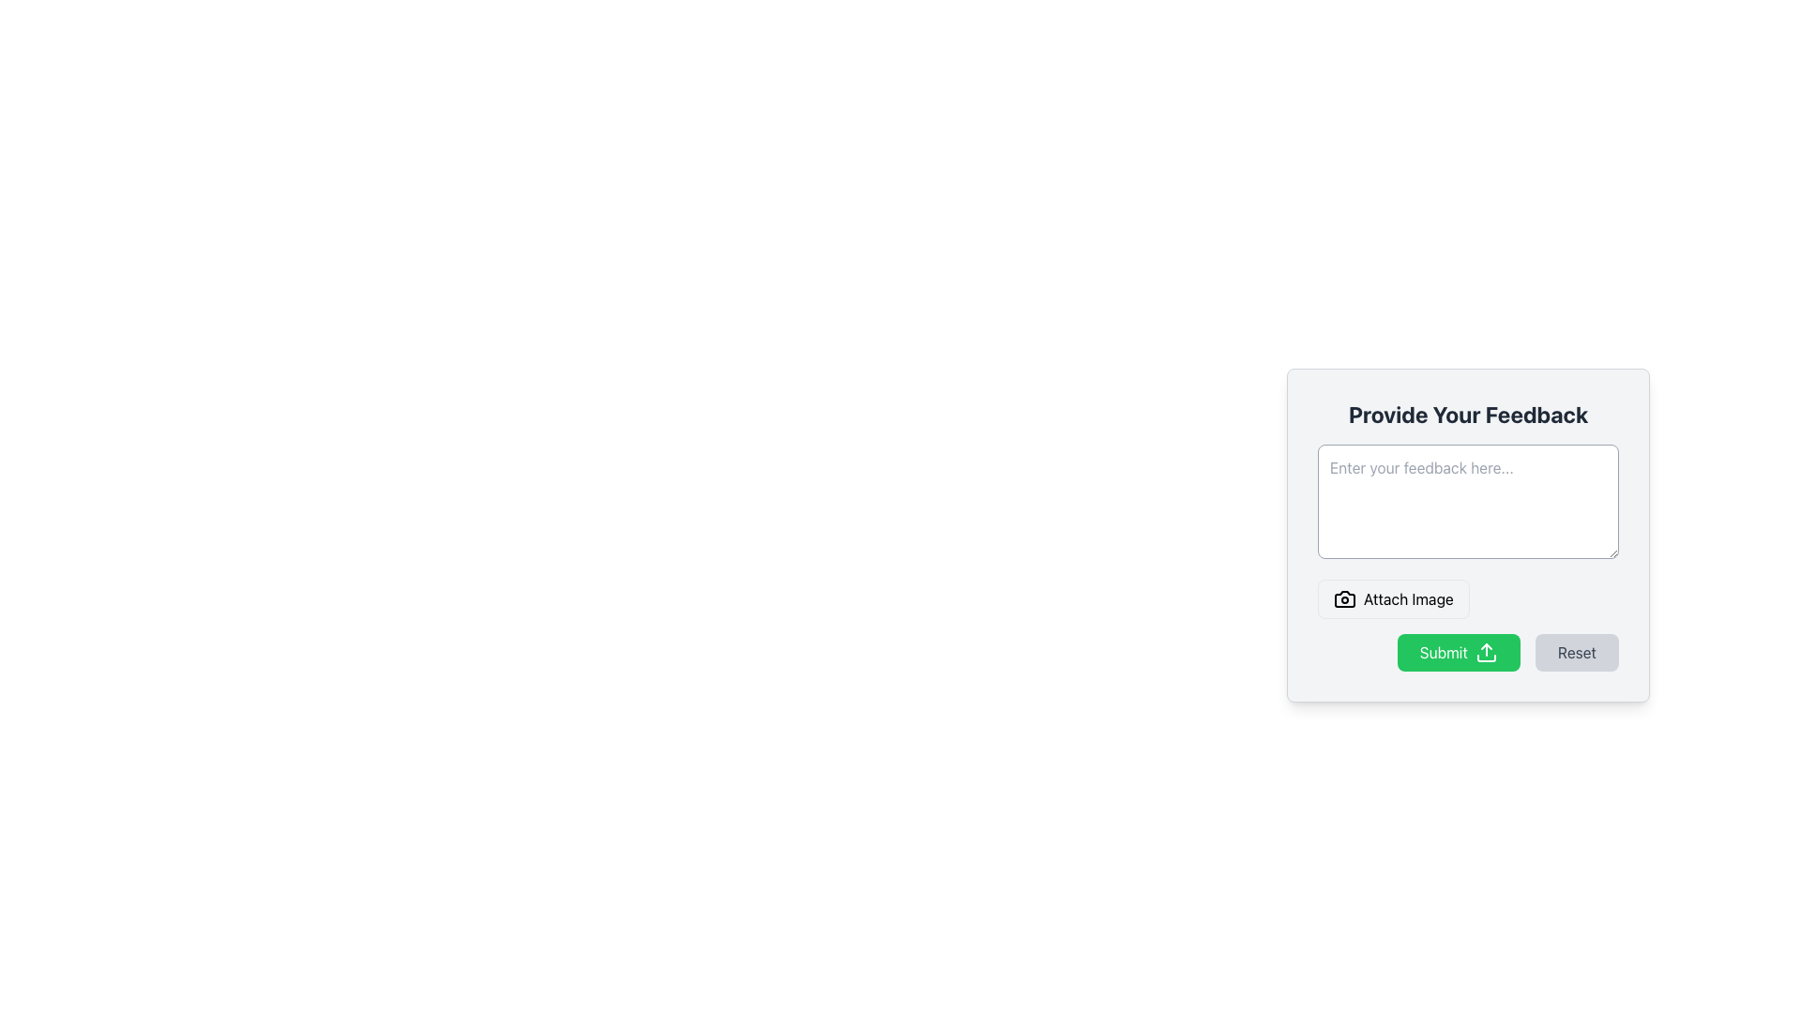 This screenshot has width=1801, height=1013. What do you see at coordinates (1485, 651) in the screenshot?
I see `the Upload Indicator icon located inside the green 'Submit' button, positioned to the right of the text 'Submit', to interact with the associated button` at bounding box center [1485, 651].